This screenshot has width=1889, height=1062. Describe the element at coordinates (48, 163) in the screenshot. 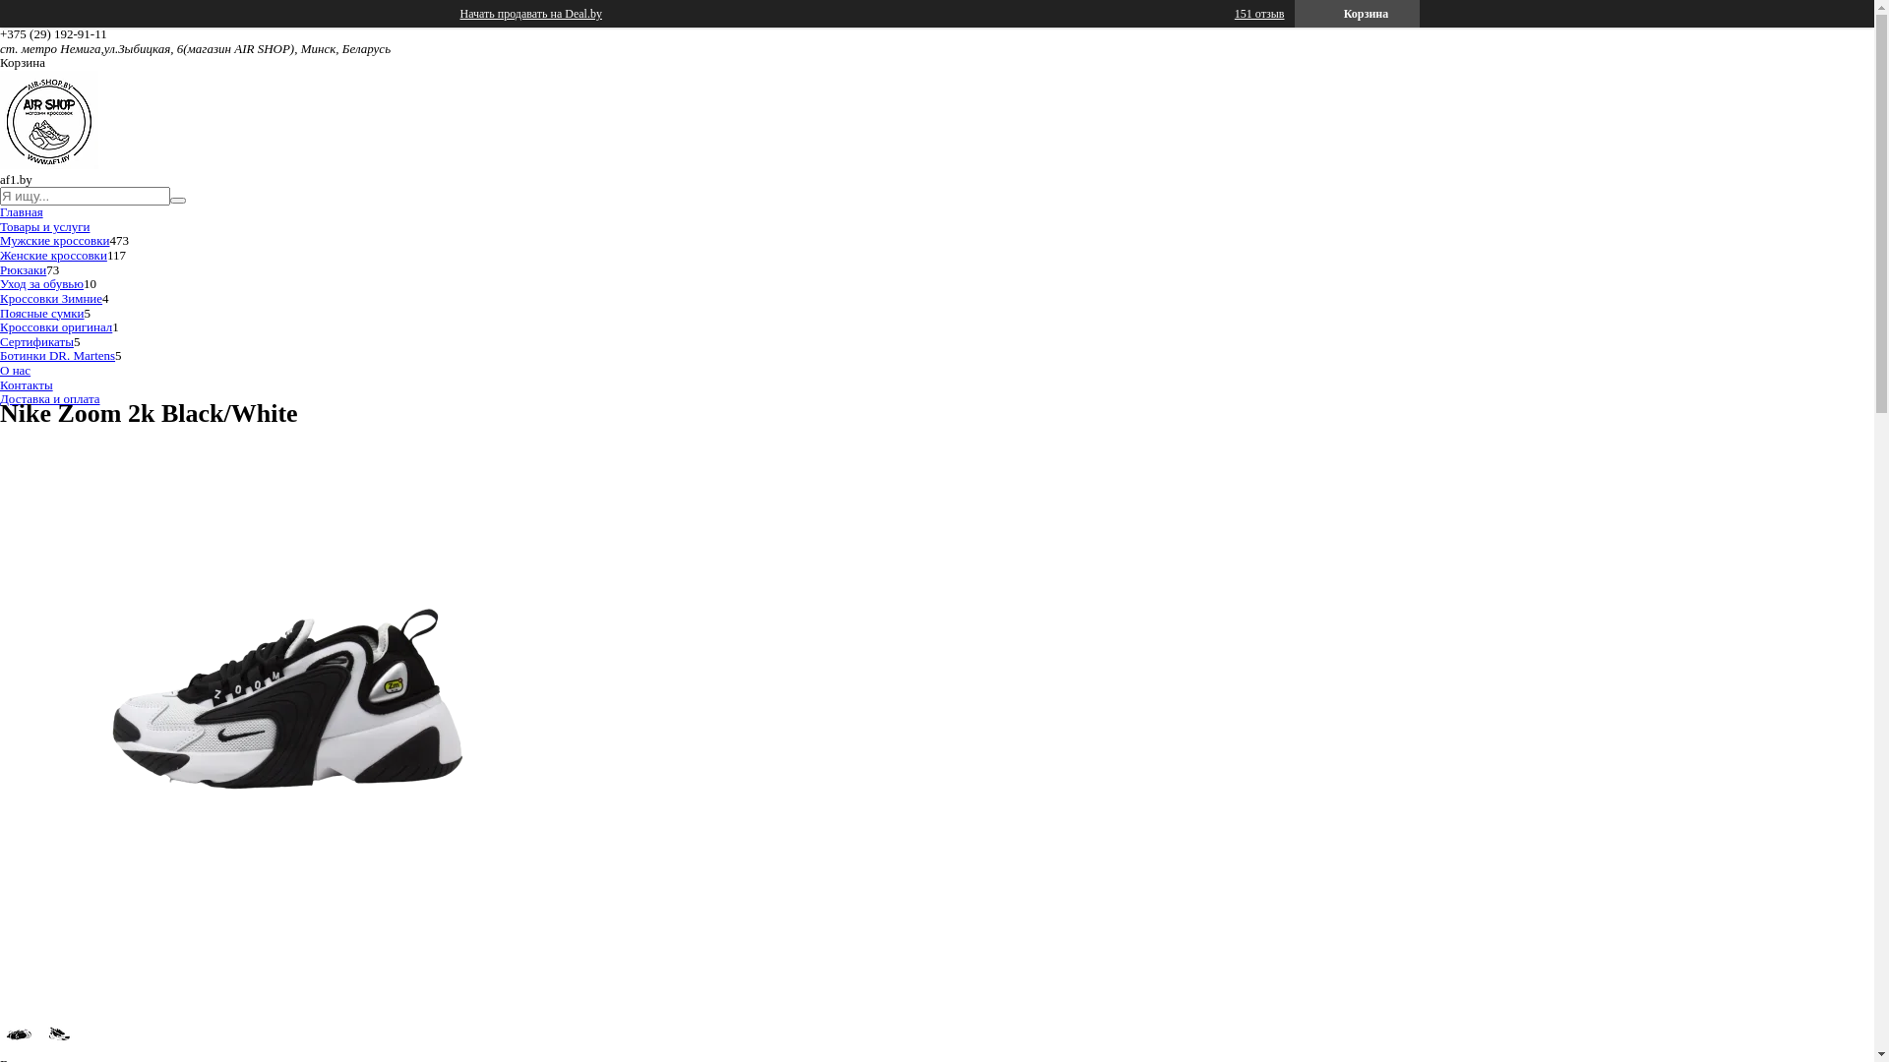

I see `'af1.by'` at that location.